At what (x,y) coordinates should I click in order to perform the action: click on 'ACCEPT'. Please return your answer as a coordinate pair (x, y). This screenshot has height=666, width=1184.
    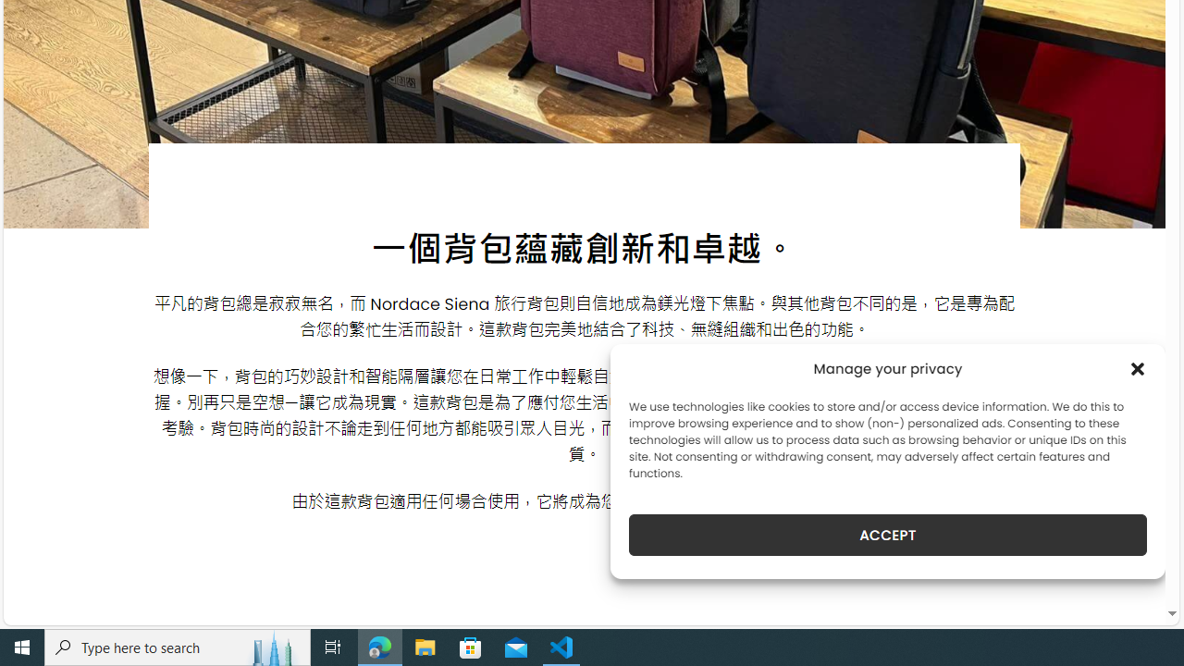
    Looking at the image, I should click on (888, 535).